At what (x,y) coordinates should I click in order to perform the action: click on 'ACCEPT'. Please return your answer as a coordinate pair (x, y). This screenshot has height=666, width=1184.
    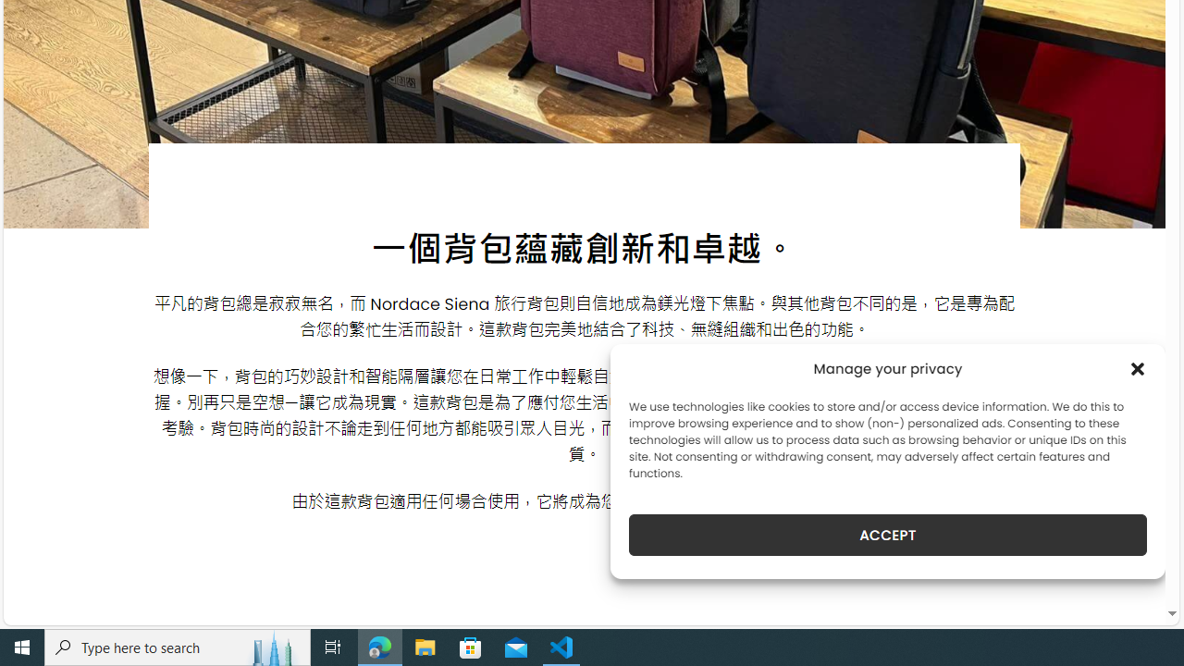
    Looking at the image, I should click on (888, 535).